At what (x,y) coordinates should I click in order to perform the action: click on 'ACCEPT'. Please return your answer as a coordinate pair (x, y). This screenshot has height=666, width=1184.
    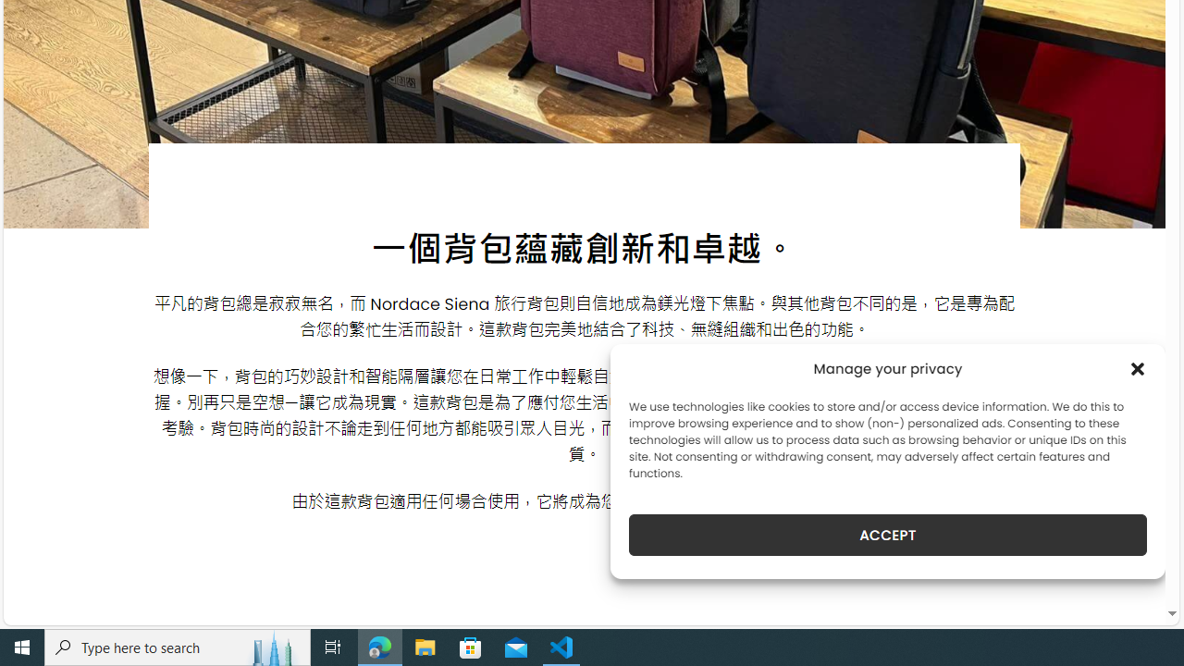
    Looking at the image, I should click on (888, 535).